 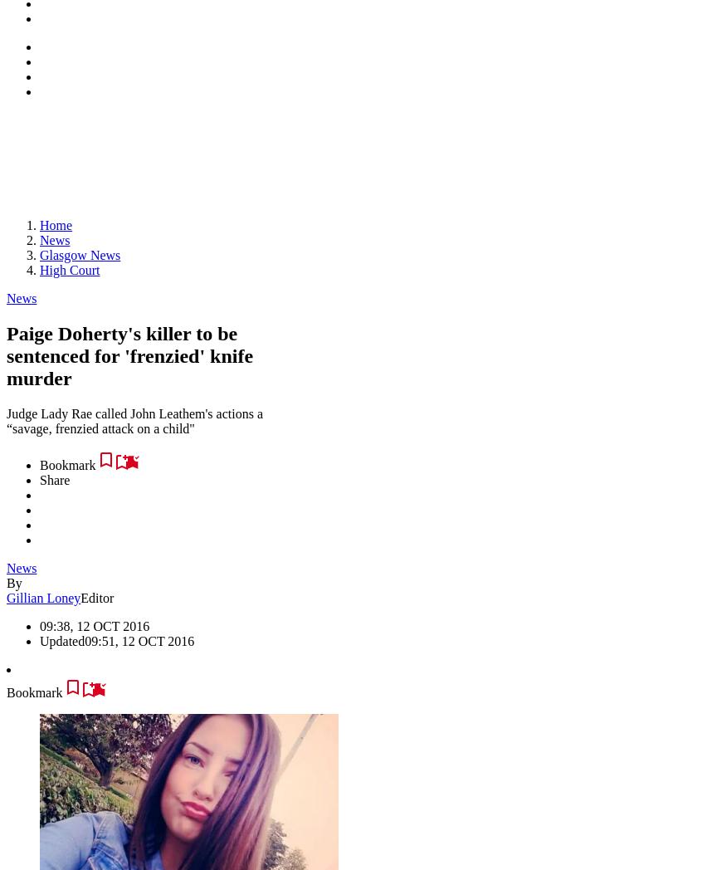 What do you see at coordinates (85, 640) in the screenshot?
I see `'09:51, 12 OCT 2016'` at bounding box center [85, 640].